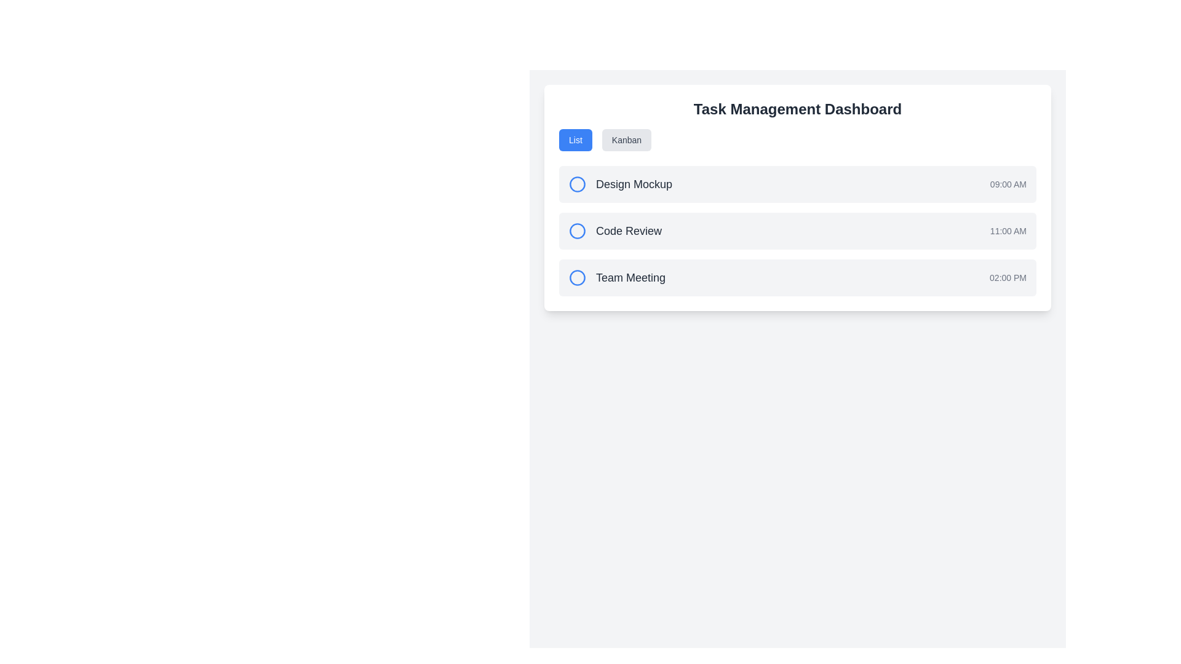 The height and width of the screenshot is (664, 1181). I want to click on the selection indicator for the 'Code Review' task, which is a Checkbox located in the second list item of the task list, between 'Design Mockup' and 'Team Meeting', so click(577, 231).